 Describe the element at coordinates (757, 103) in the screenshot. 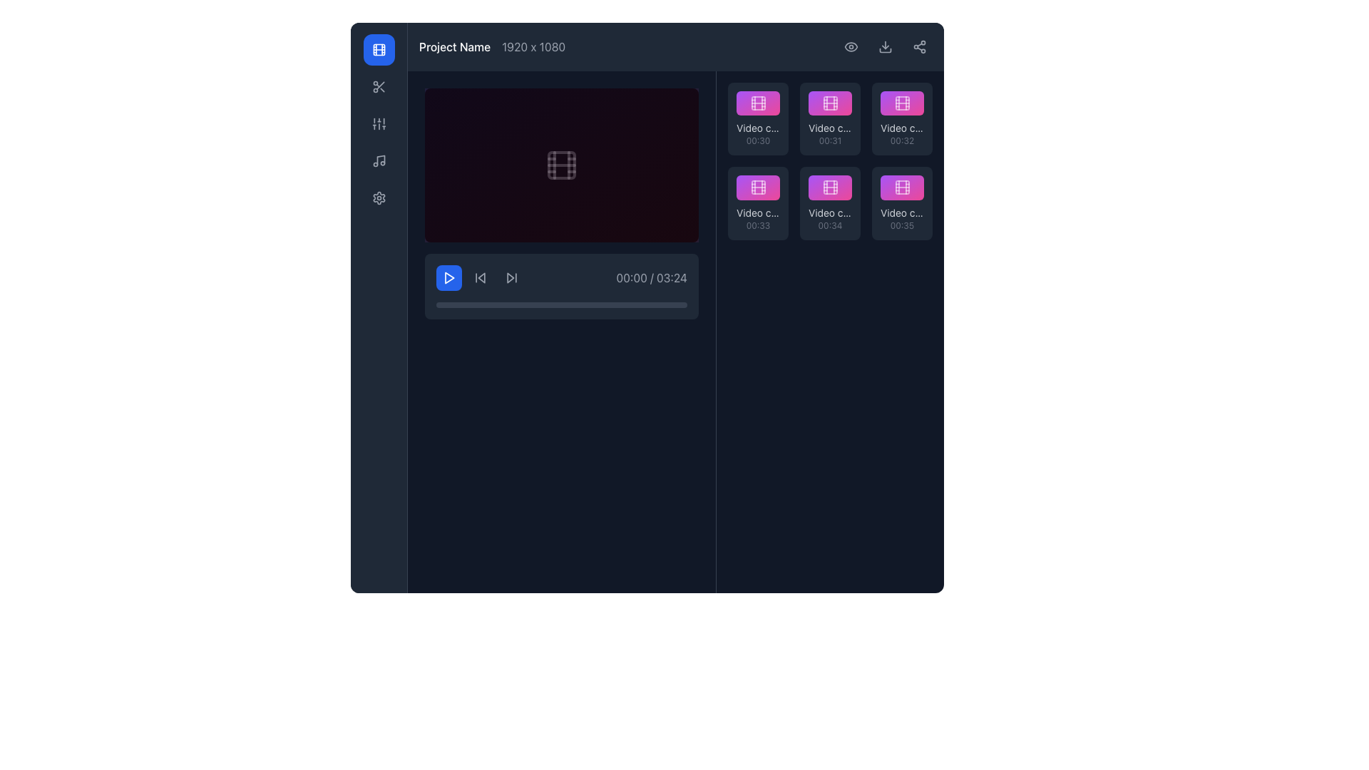

I see `the film icon within the tile button` at that location.